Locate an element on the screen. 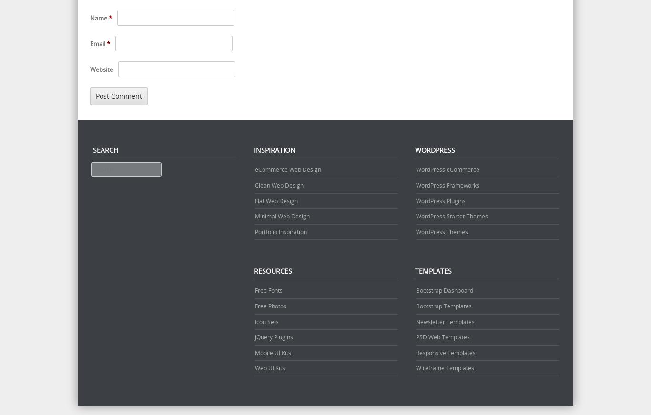 Image resolution: width=651 pixels, height=415 pixels. 'WordPress eCommerce' is located at coordinates (448, 169).